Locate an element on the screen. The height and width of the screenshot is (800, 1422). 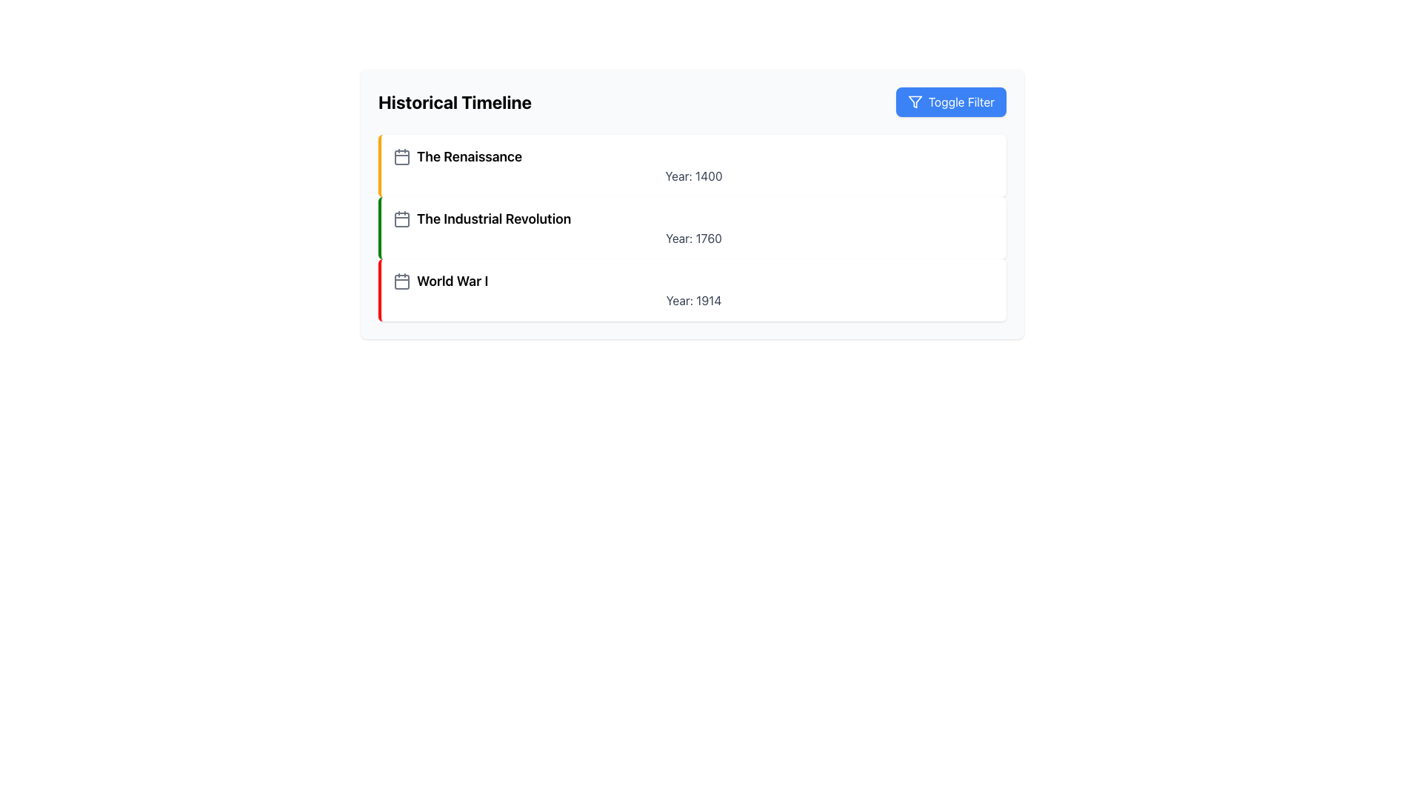
the informational card displaying 'The Renaissance' with the highlight year '1400', which is the first card in the vertical timeline list is located at coordinates (692, 165).